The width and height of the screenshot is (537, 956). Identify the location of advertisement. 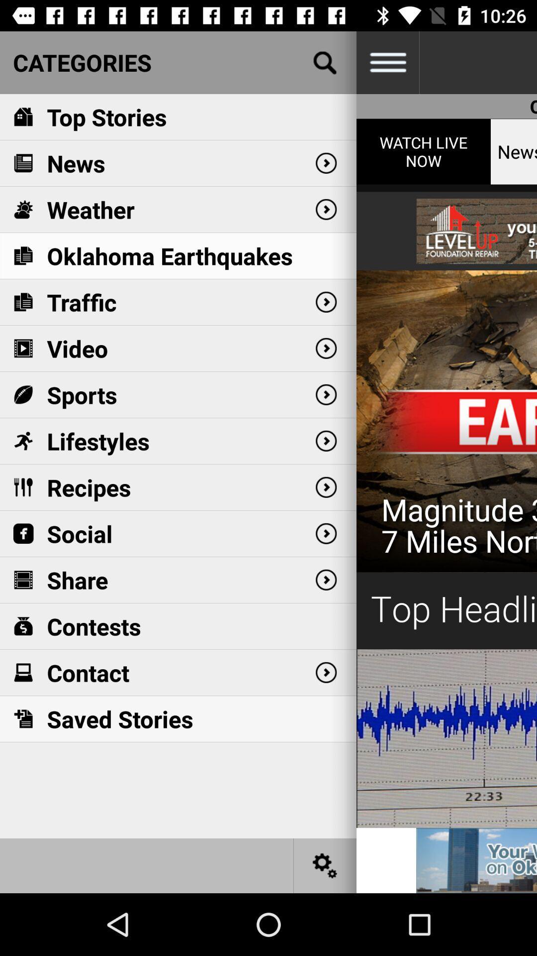
(446, 473).